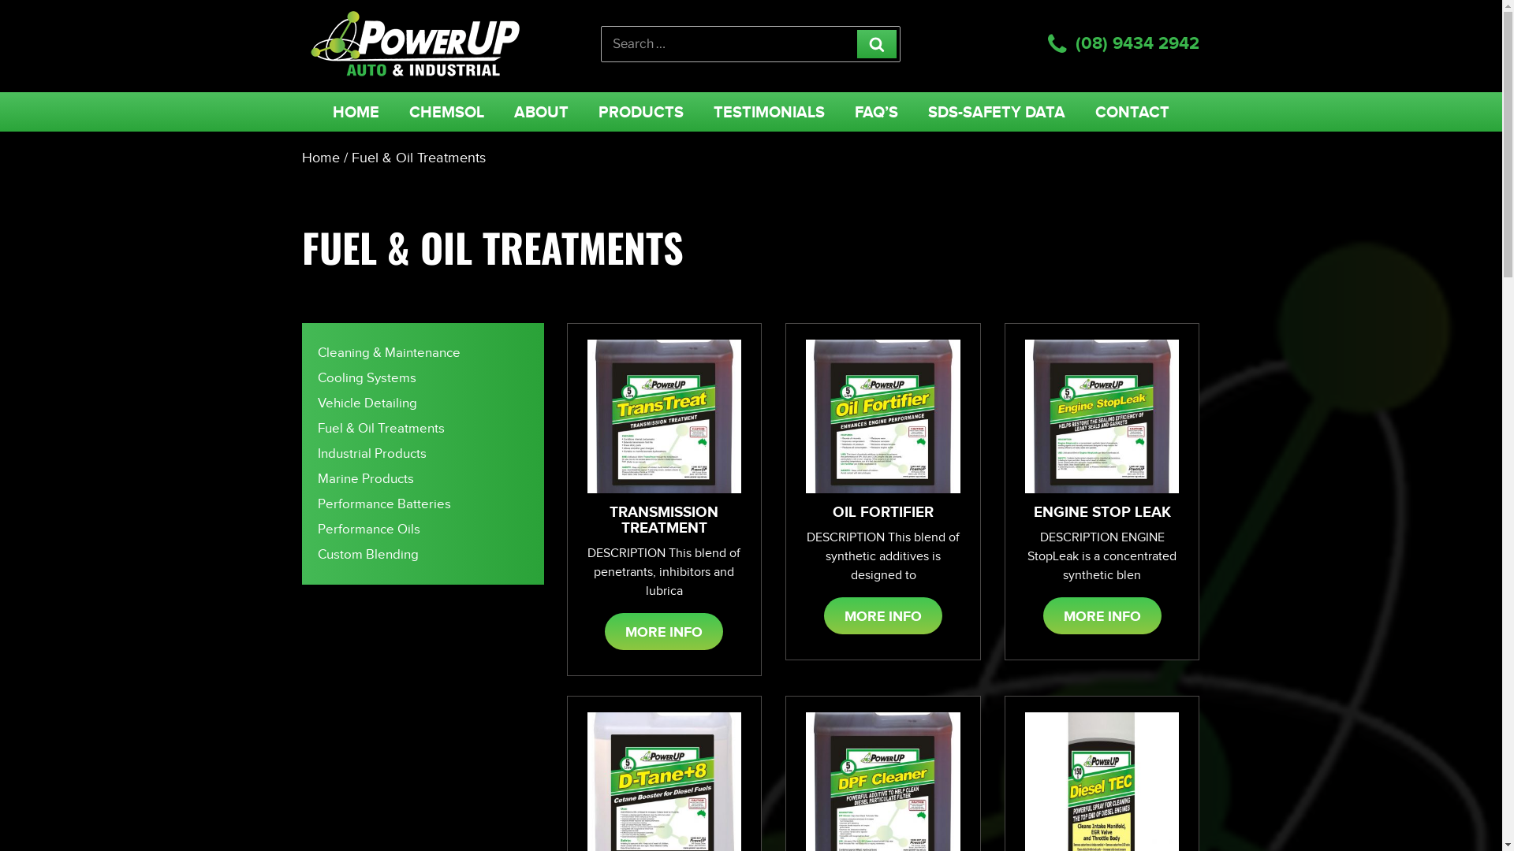  I want to click on 'MORE INFO', so click(1101, 615).